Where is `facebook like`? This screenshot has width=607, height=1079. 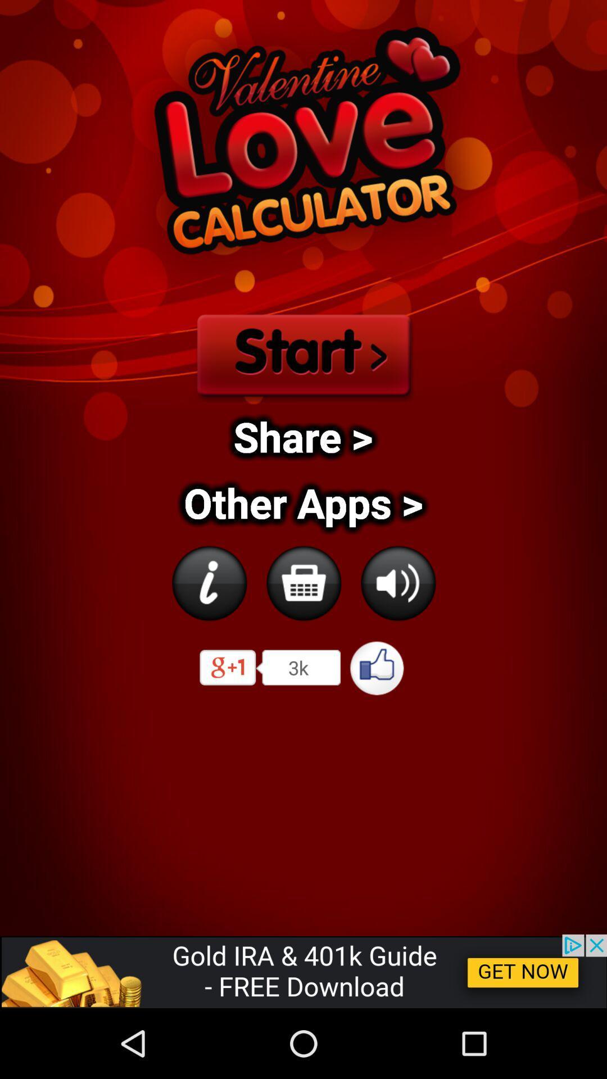 facebook like is located at coordinates (377, 668).